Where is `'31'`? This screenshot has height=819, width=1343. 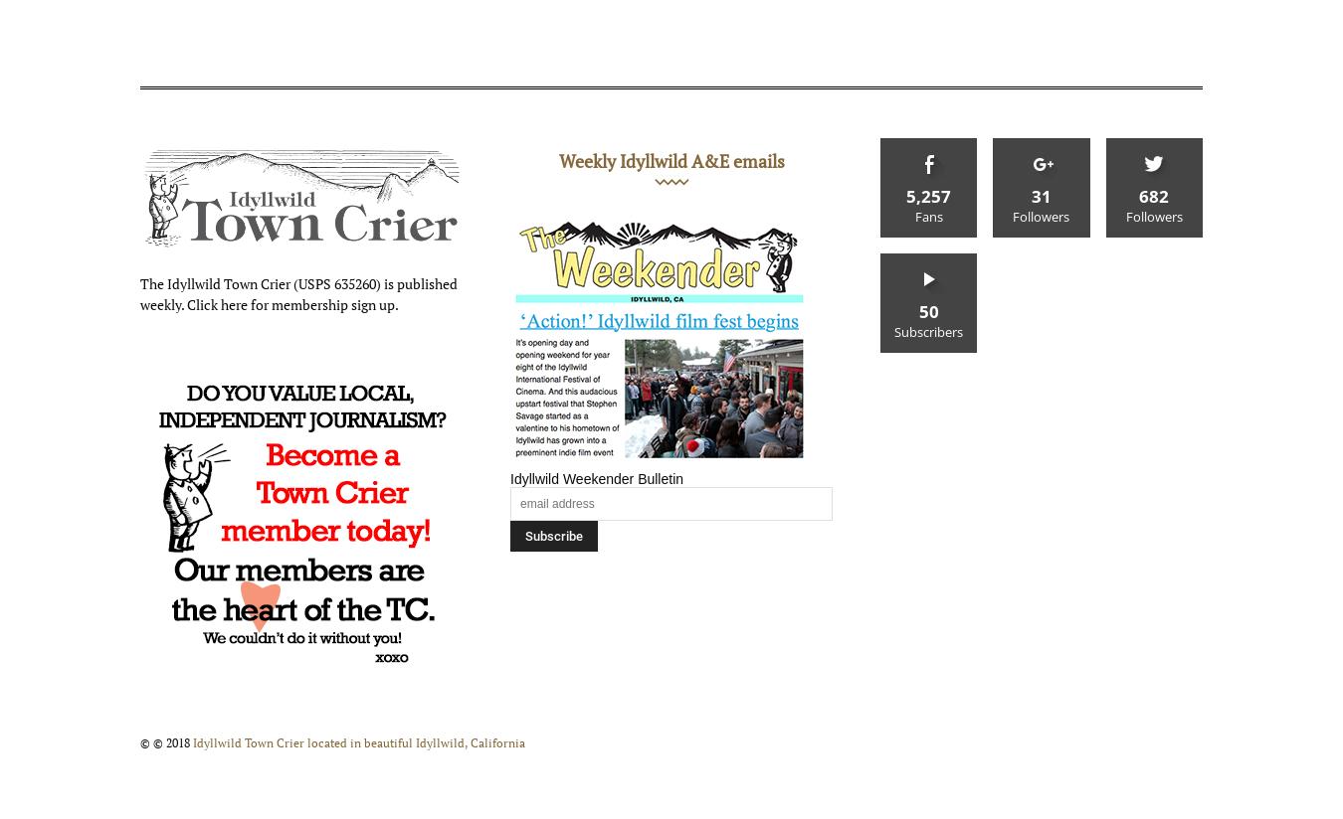
'31' is located at coordinates (1030, 196).